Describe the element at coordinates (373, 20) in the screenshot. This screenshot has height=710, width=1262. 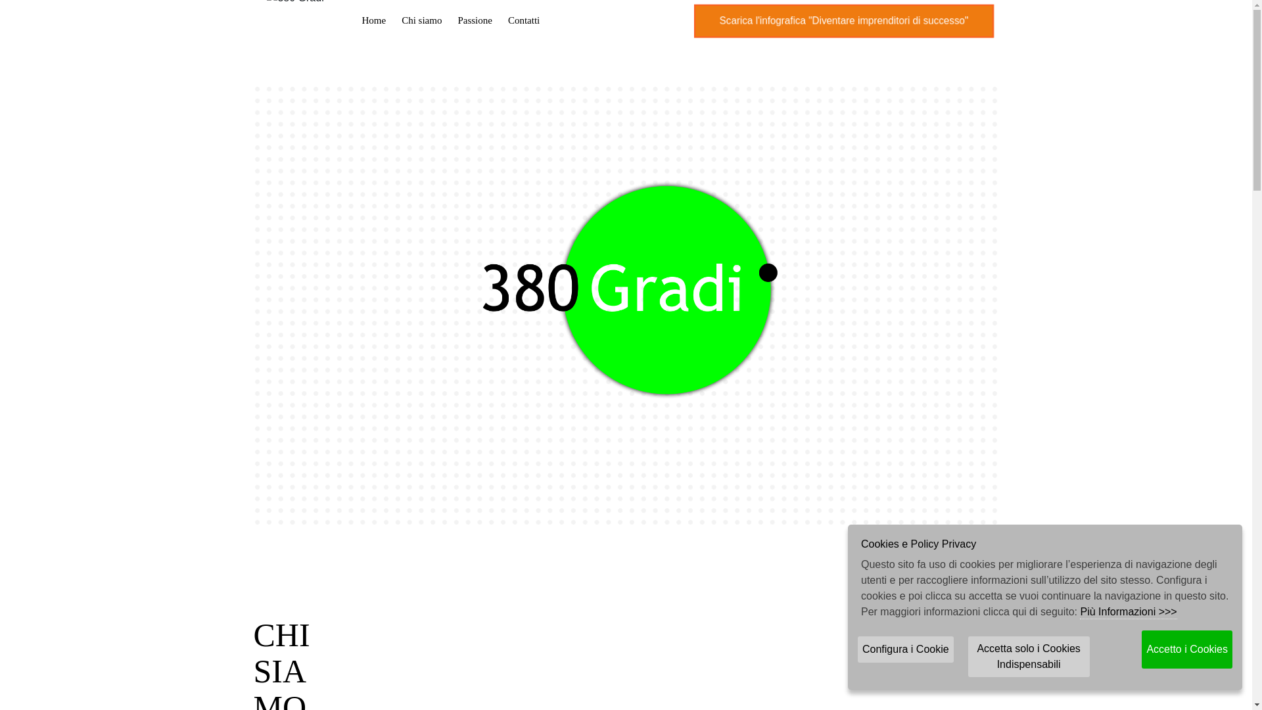
I see `'Home'` at that location.